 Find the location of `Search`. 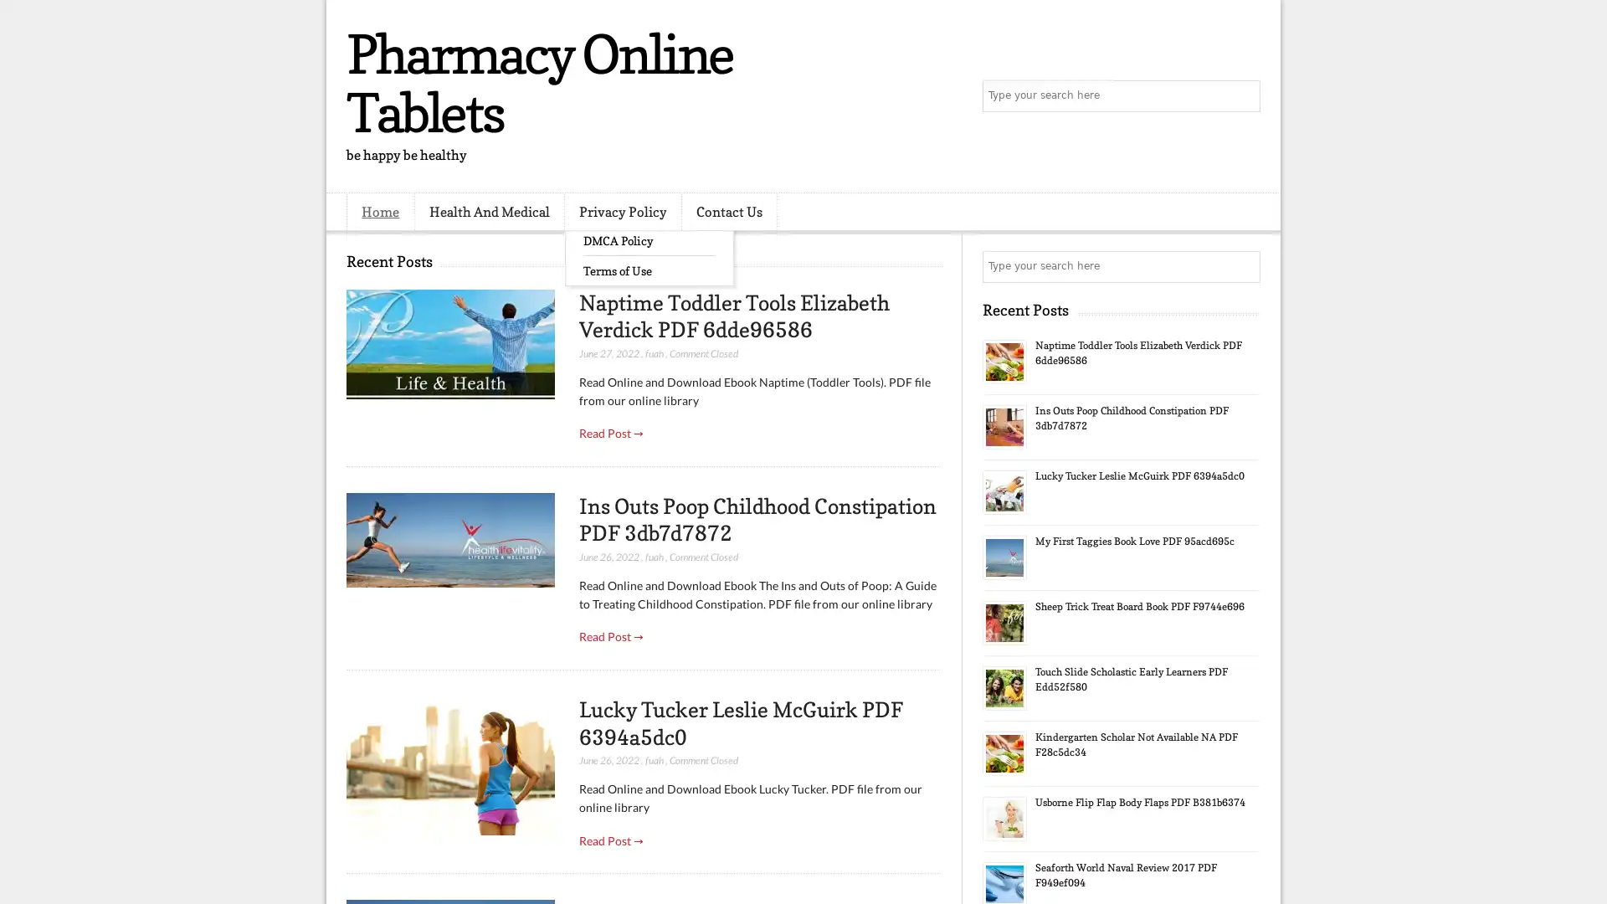

Search is located at coordinates (1243, 266).